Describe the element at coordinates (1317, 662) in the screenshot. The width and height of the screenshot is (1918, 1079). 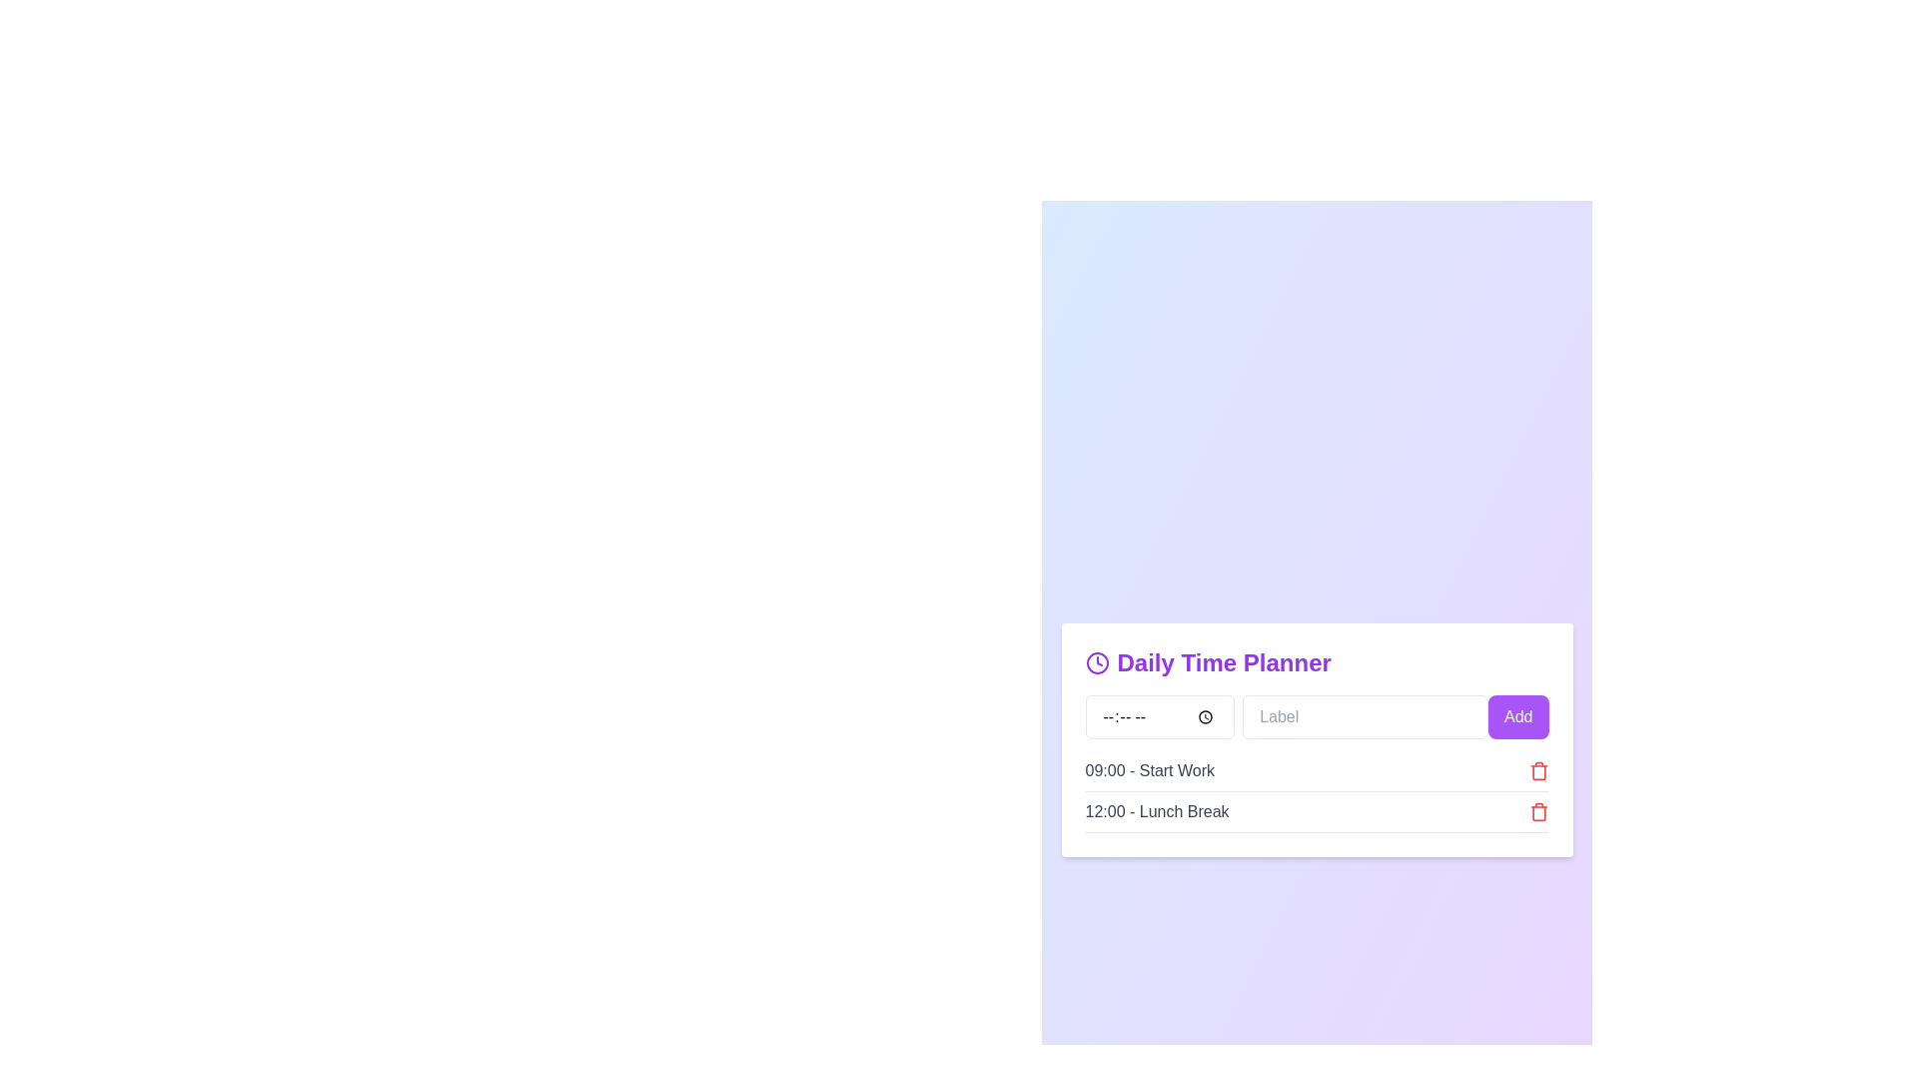
I see `the text label reading 'Daily Time Planner' styled in purple and bold, which is located at the top of the panel, above other components` at that location.